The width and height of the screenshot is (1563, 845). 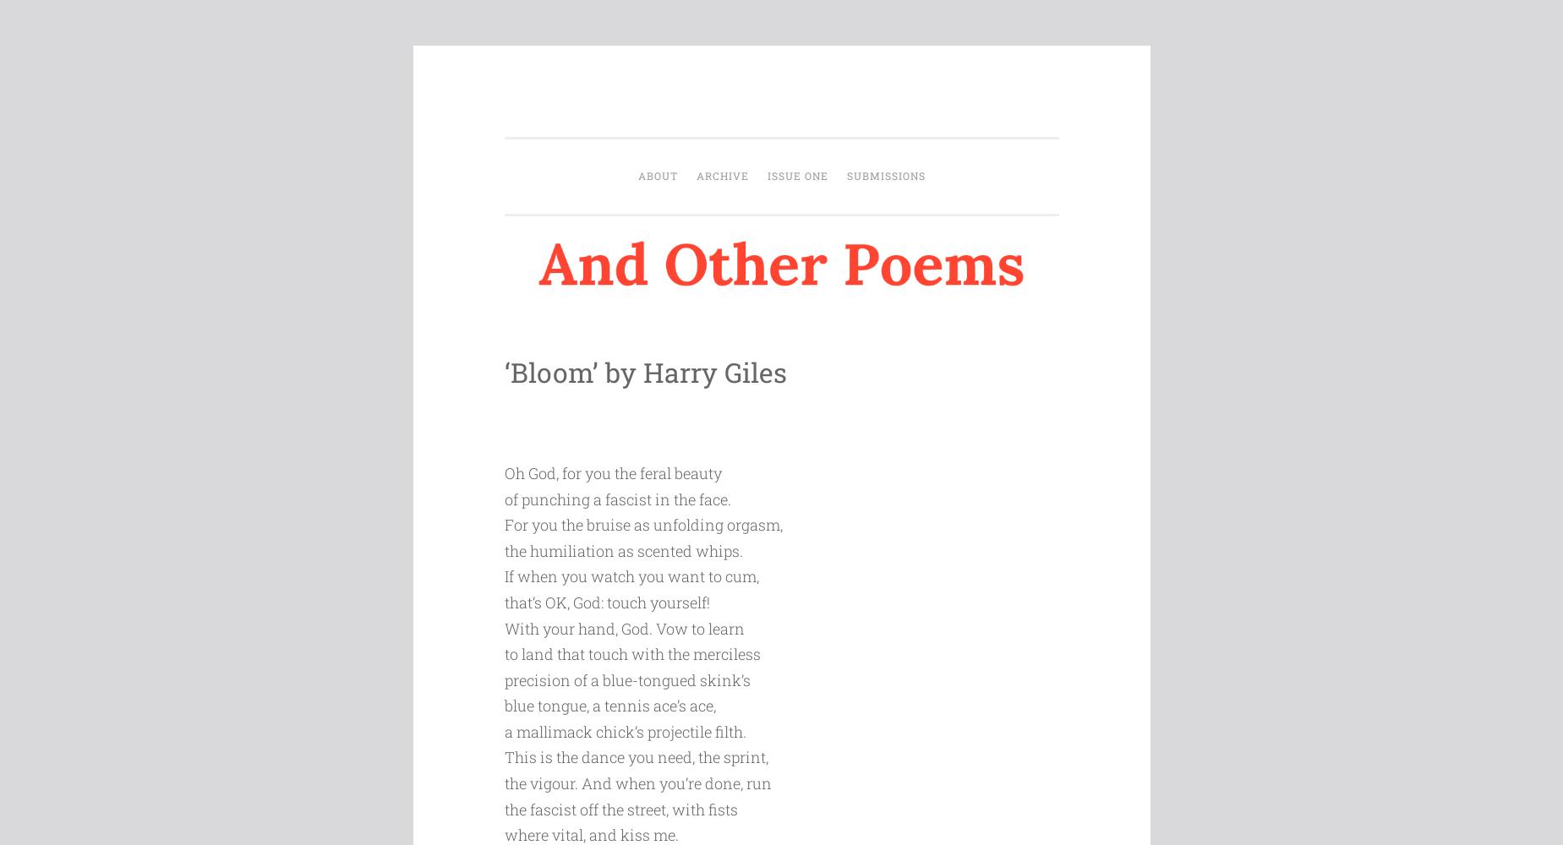 What do you see at coordinates (611, 472) in the screenshot?
I see `'Oh God, for you the feral beauty'` at bounding box center [611, 472].